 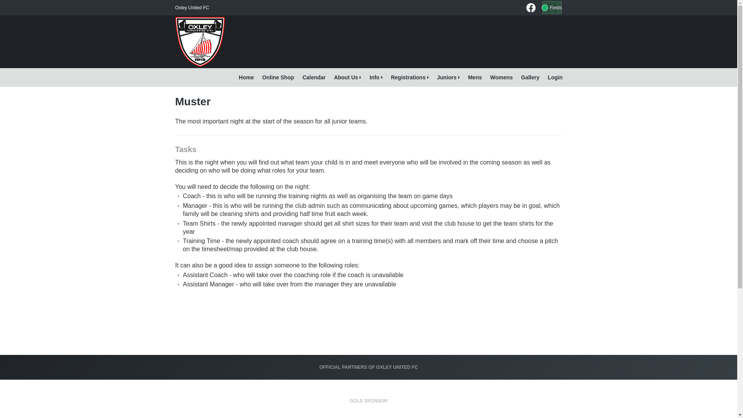 What do you see at coordinates (464, 77) in the screenshot?
I see `'Mens'` at bounding box center [464, 77].